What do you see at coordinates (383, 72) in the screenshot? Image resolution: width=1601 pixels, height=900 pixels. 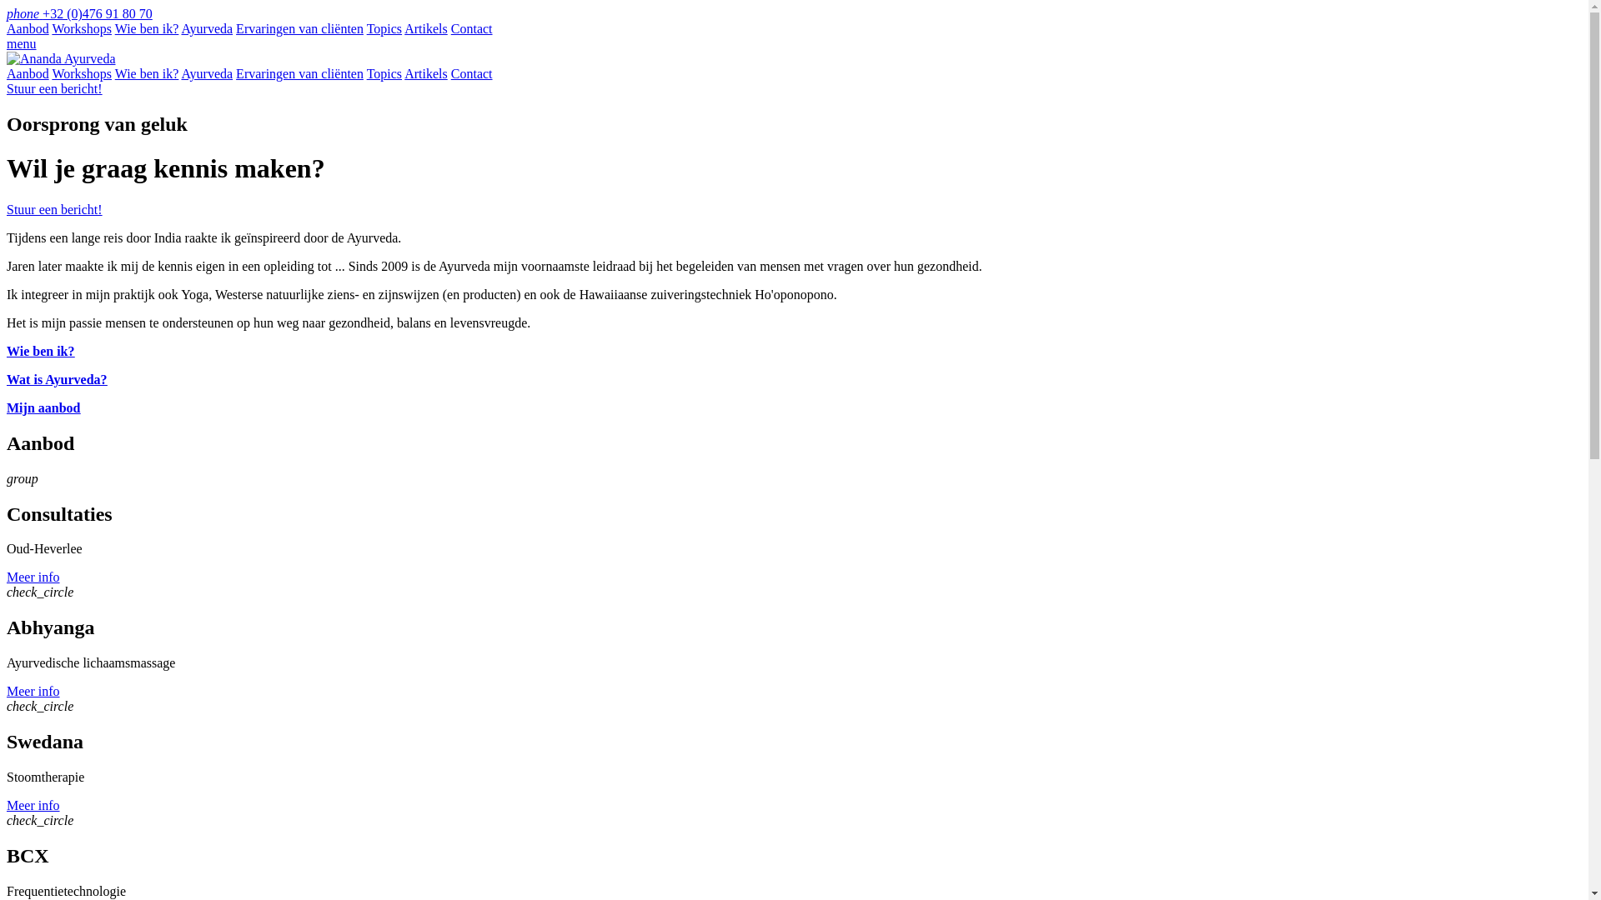 I see `'Topics'` at bounding box center [383, 72].